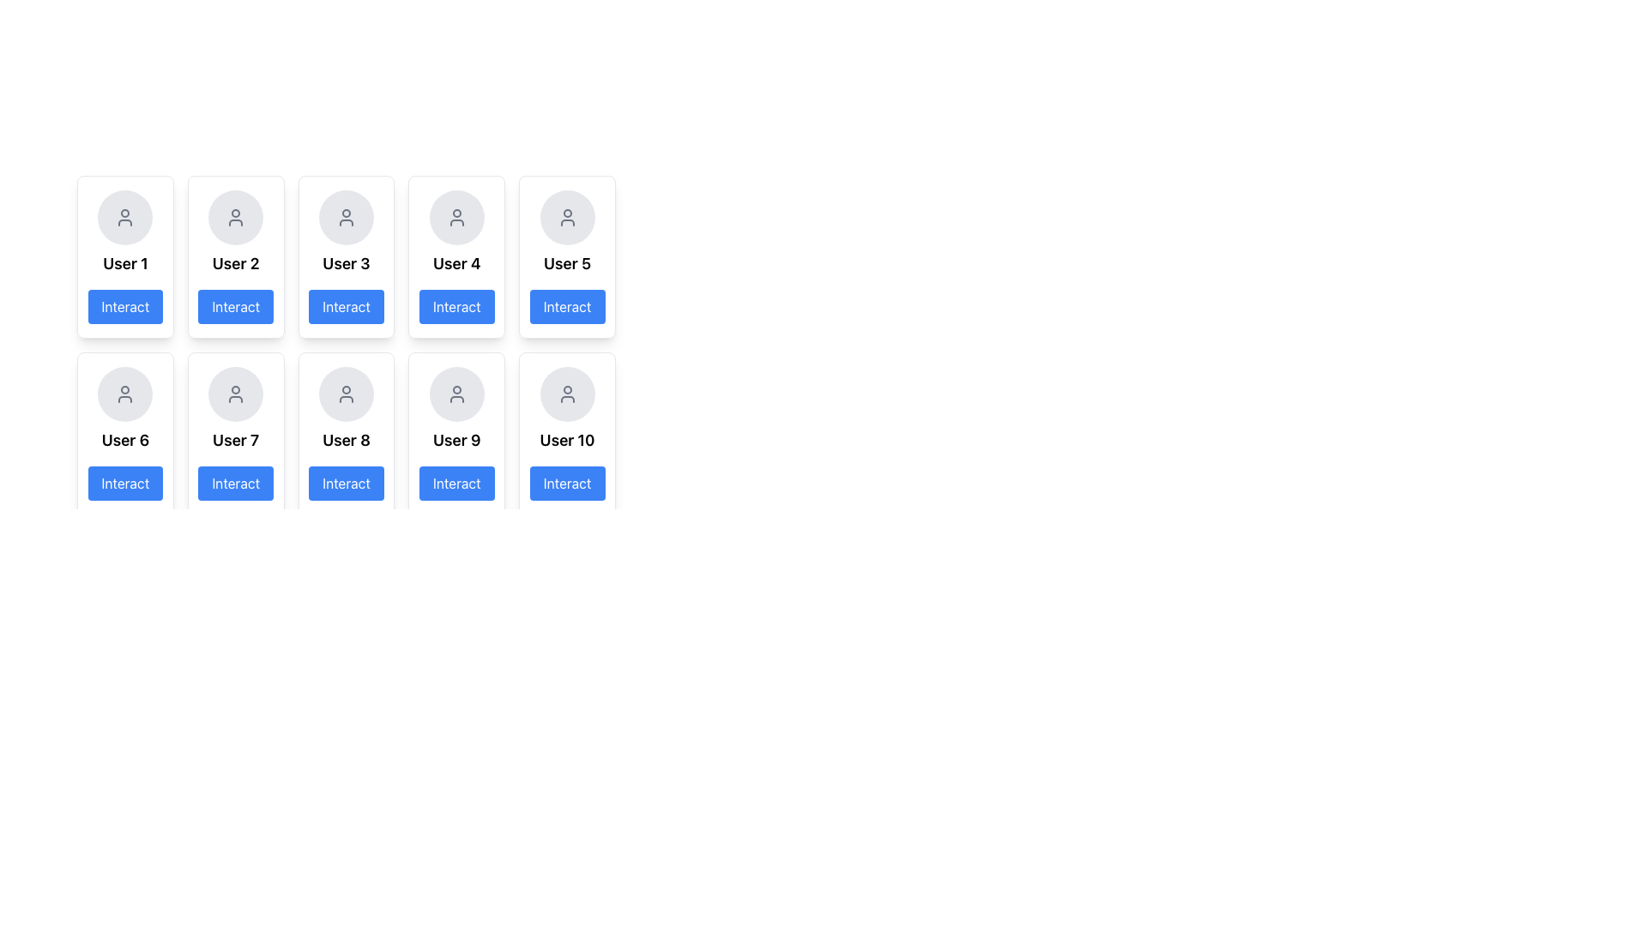 The image size is (1647, 926). What do you see at coordinates (124, 217) in the screenshot?
I see `the user avatar or profile icon located at the top of the column layout, above the text 'User 1' and the 'Interact' button` at bounding box center [124, 217].